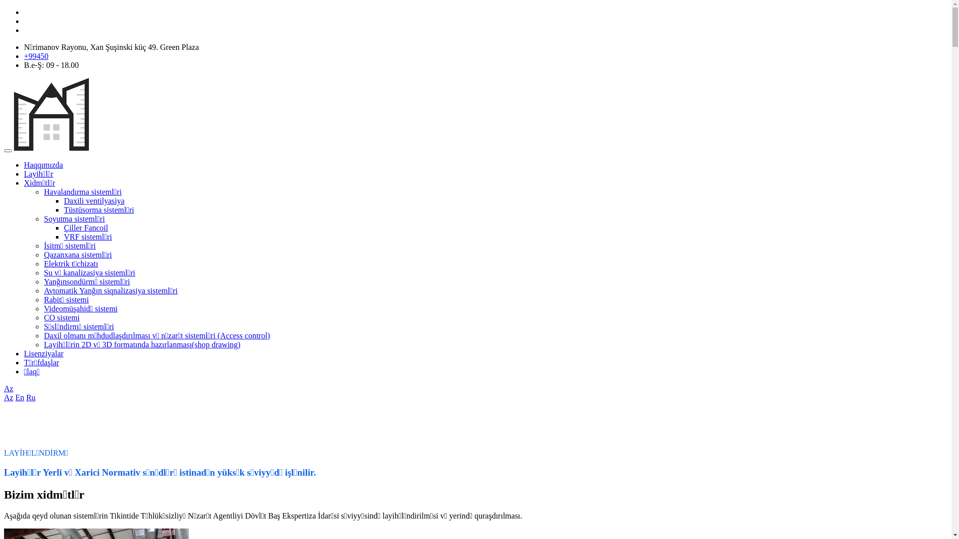  Describe the element at coordinates (43, 317) in the screenshot. I see `'CO sistemi'` at that location.